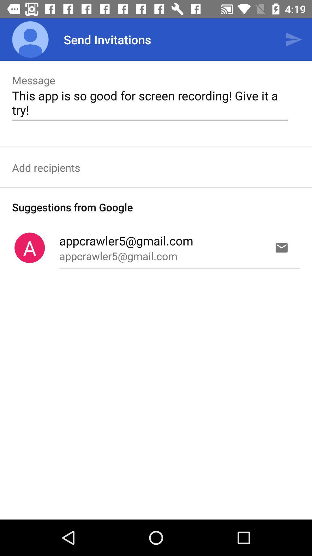  I want to click on the symbol which is beside appcrawler5gmailcom, so click(29, 248).